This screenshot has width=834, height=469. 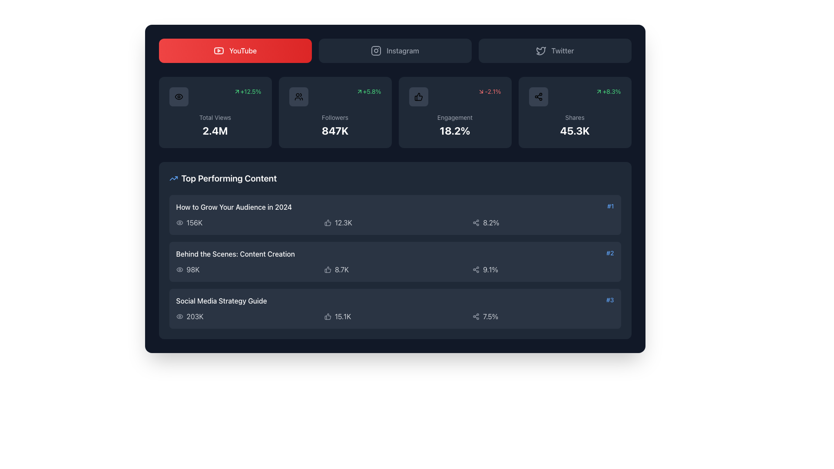 What do you see at coordinates (235, 50) in the screenshot?
I see `the leftmost navigational button at the top center of the interface, which likely redirects to a YouTube-related page` at bounding box center [235, 50].